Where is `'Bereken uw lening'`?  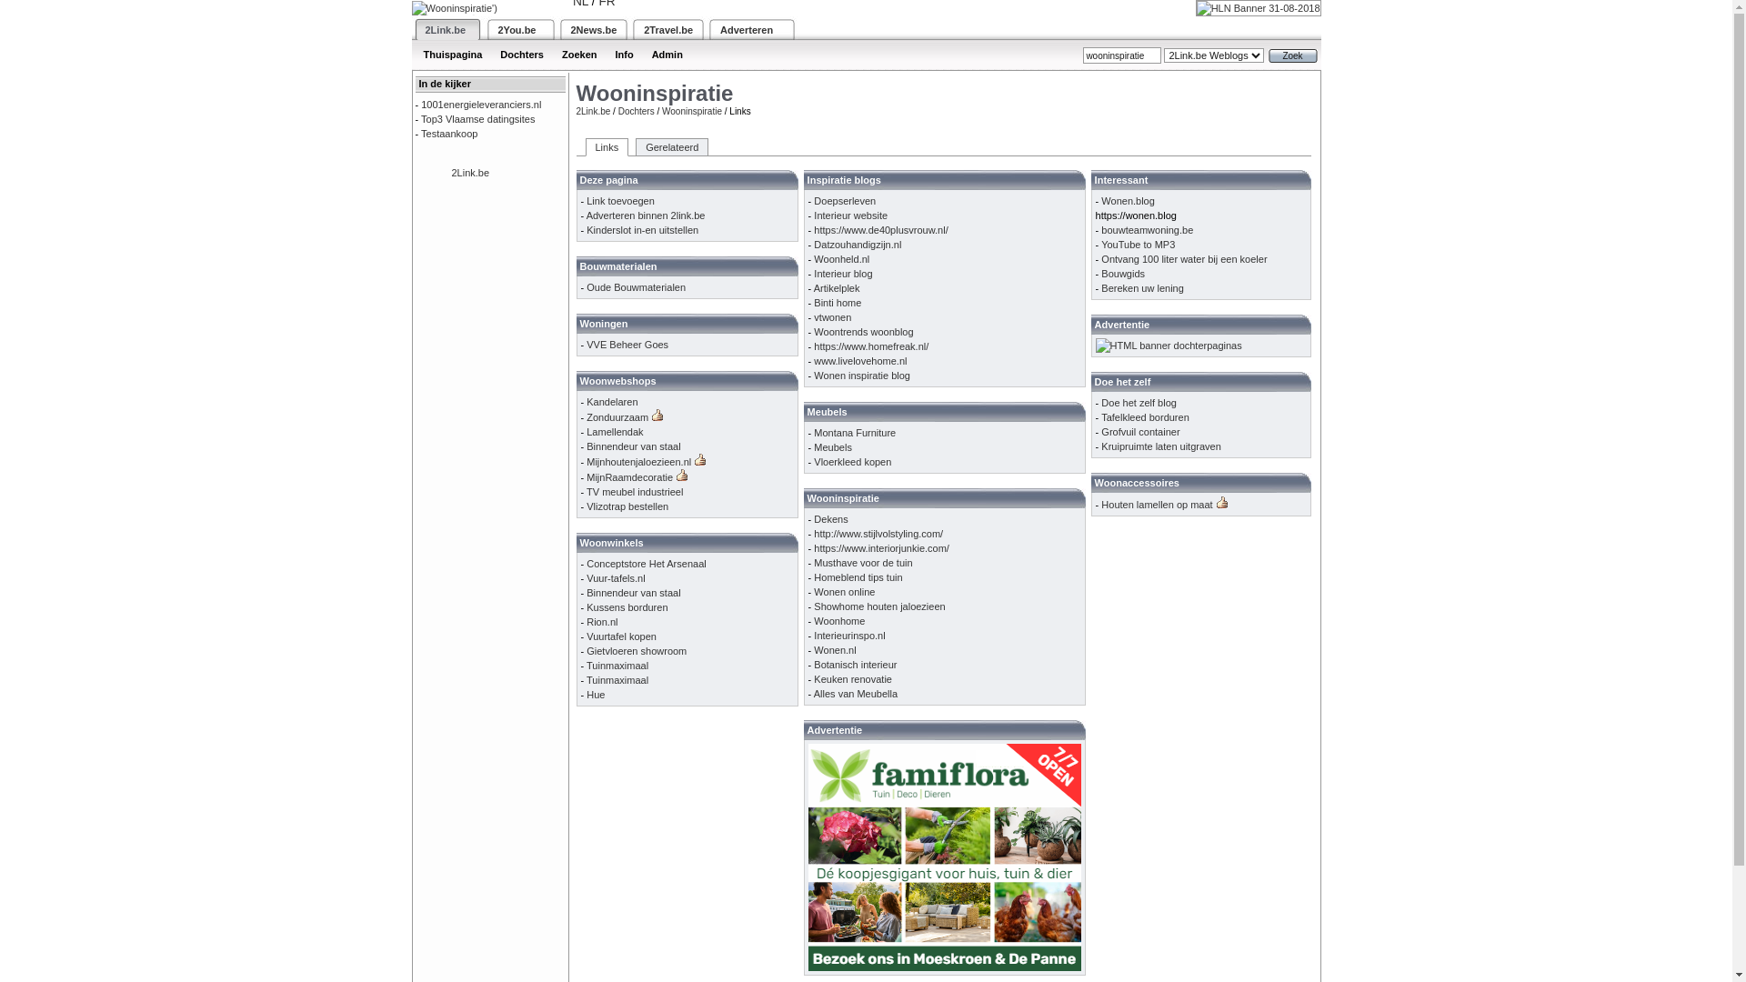 'Bereken uw lening' is located at coordinates (1141, 286).